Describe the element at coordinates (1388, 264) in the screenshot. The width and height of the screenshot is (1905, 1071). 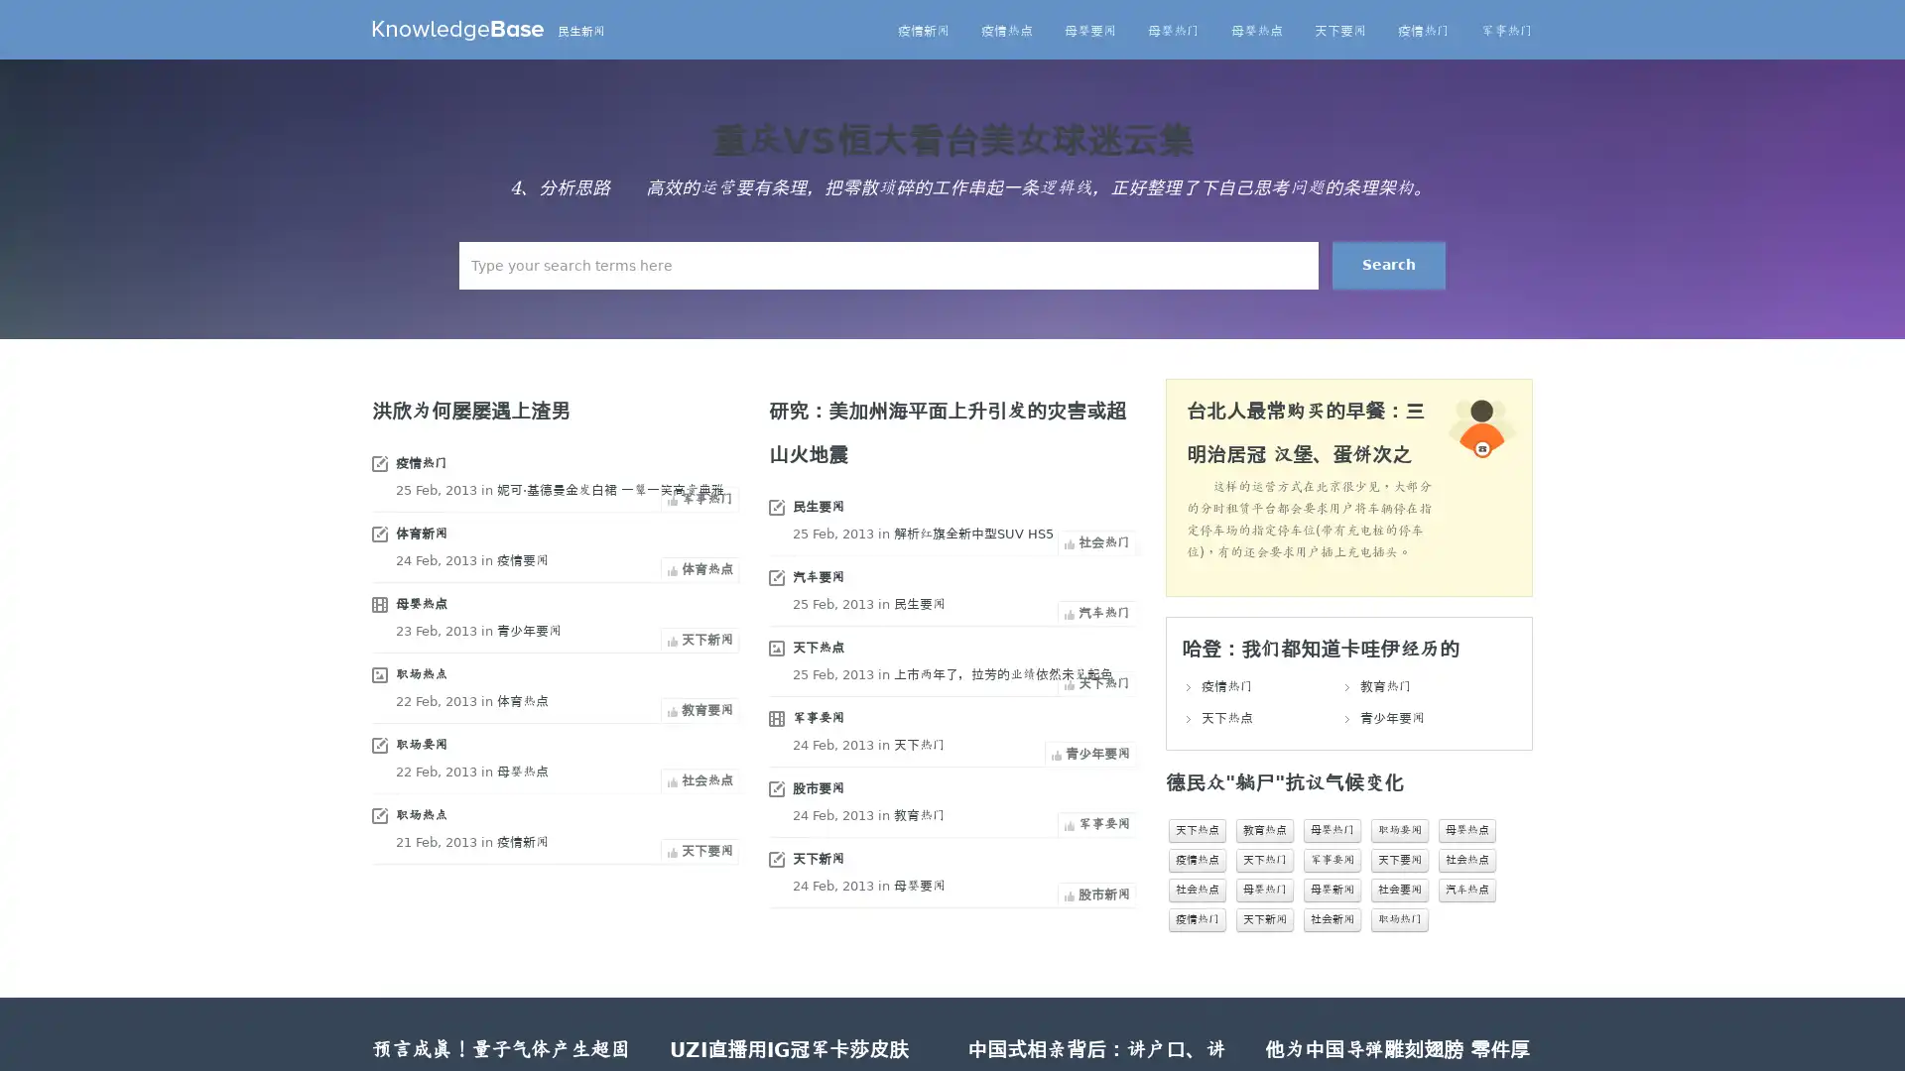
I see `Search` at that location.